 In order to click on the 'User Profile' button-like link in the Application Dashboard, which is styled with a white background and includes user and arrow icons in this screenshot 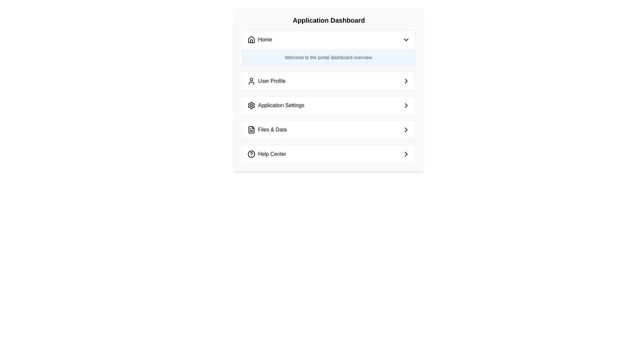, I will do `click(329, 81)`.